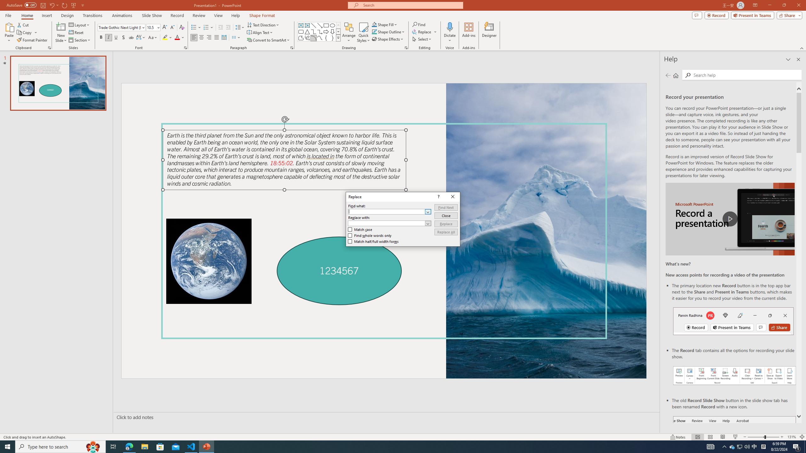 The width and height of the screenshot is (806, 453). What do you see at coordinates (740, 446) in the screenshot?
I see `'User Promoted Notification Area'` at bounding box center [740, 446].